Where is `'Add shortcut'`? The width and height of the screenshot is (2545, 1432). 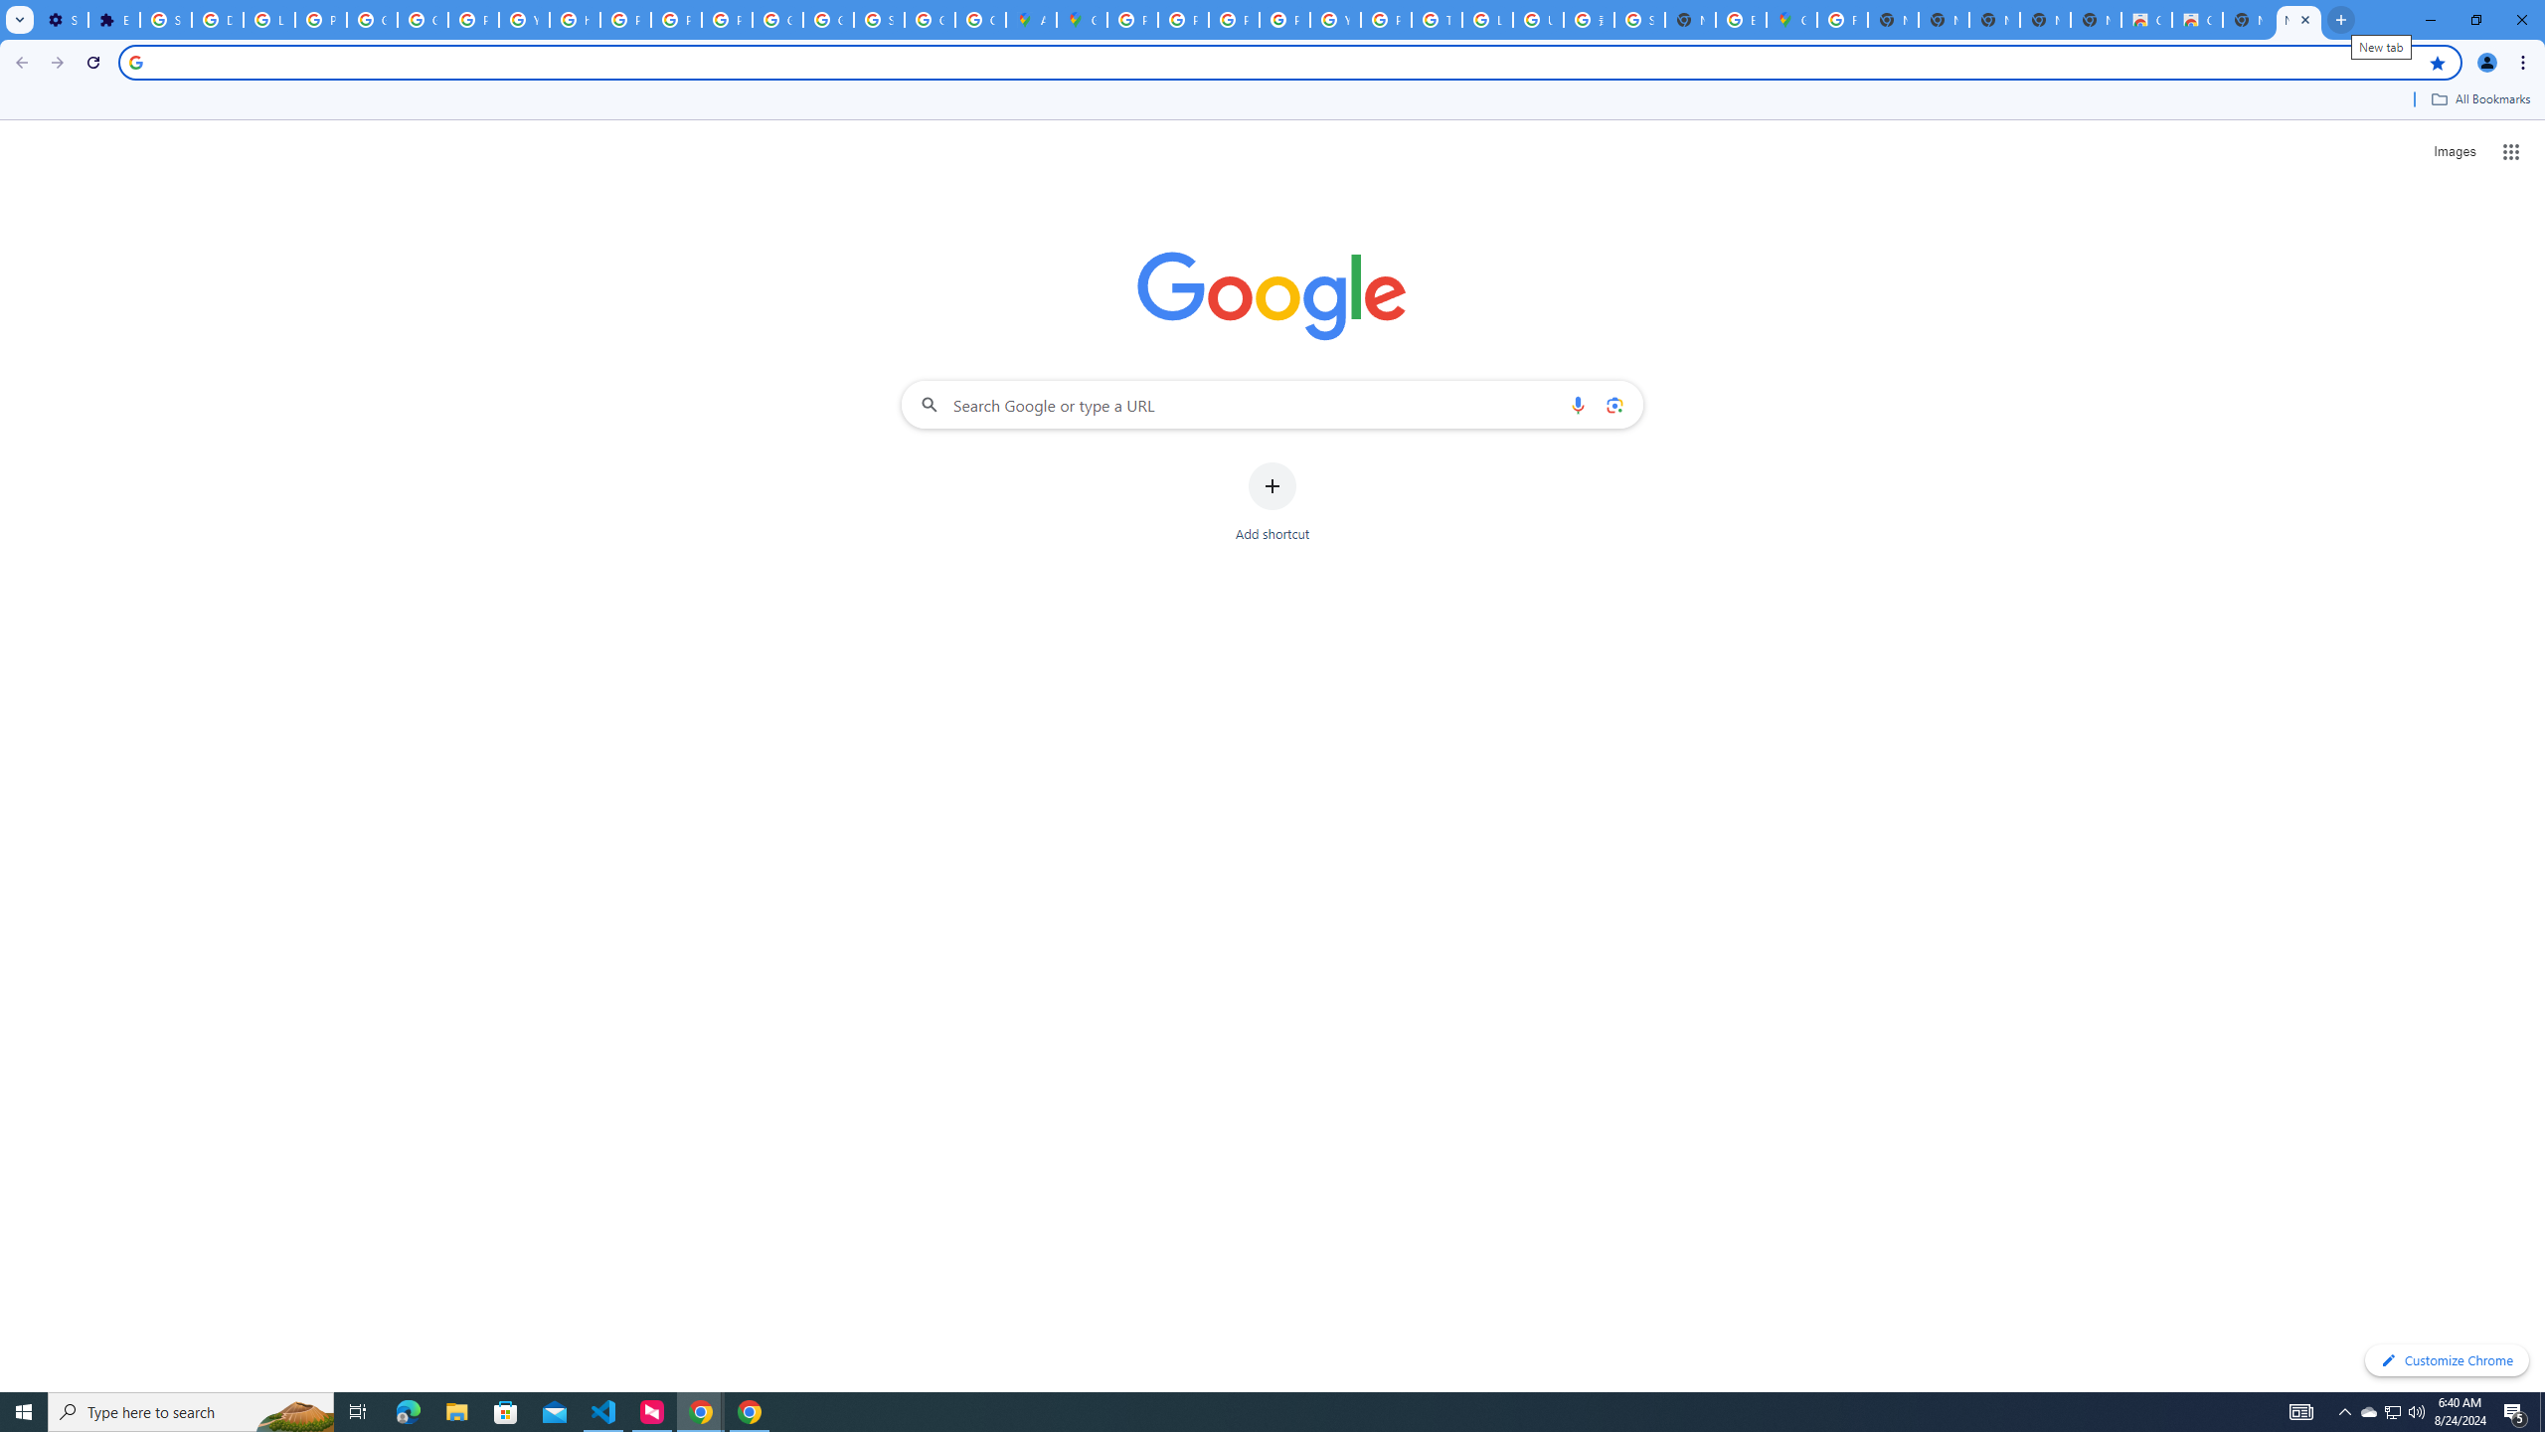
'Add shortcut' is located at coordinates (1272, 502).